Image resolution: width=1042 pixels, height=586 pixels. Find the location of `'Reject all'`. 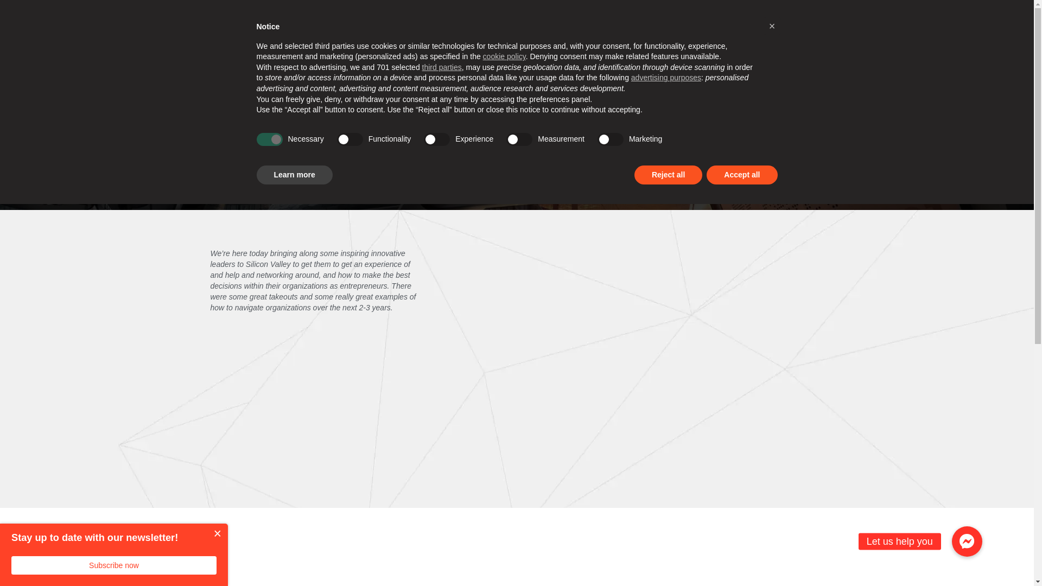

'Reject all' is located at coordinates (668, 175).